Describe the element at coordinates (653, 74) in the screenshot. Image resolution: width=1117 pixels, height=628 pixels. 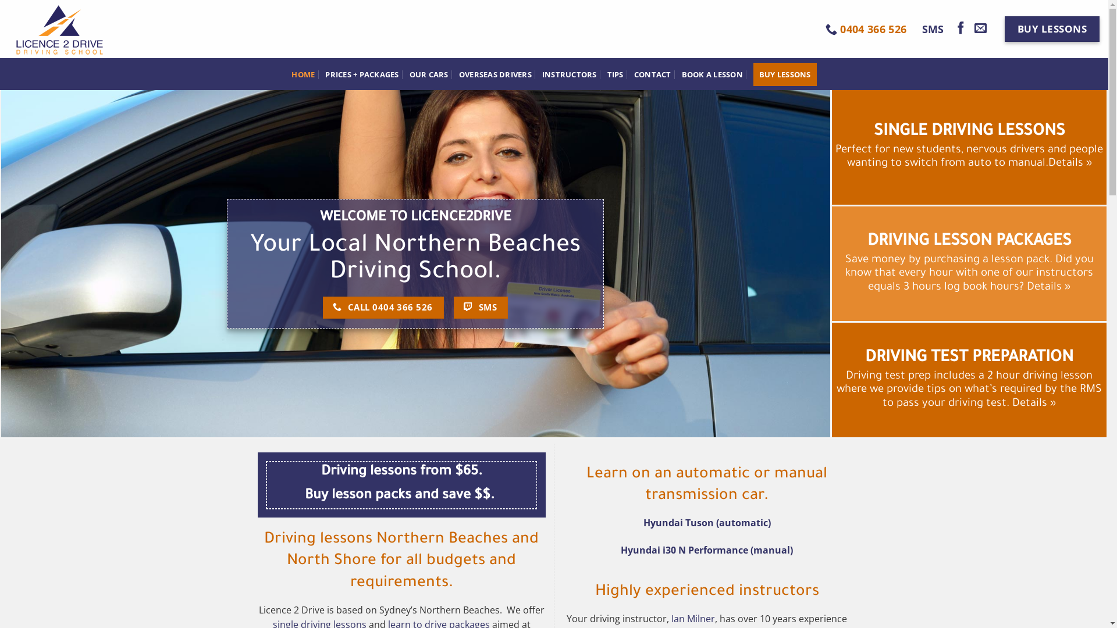
I see `'CONTACT'` at that location.